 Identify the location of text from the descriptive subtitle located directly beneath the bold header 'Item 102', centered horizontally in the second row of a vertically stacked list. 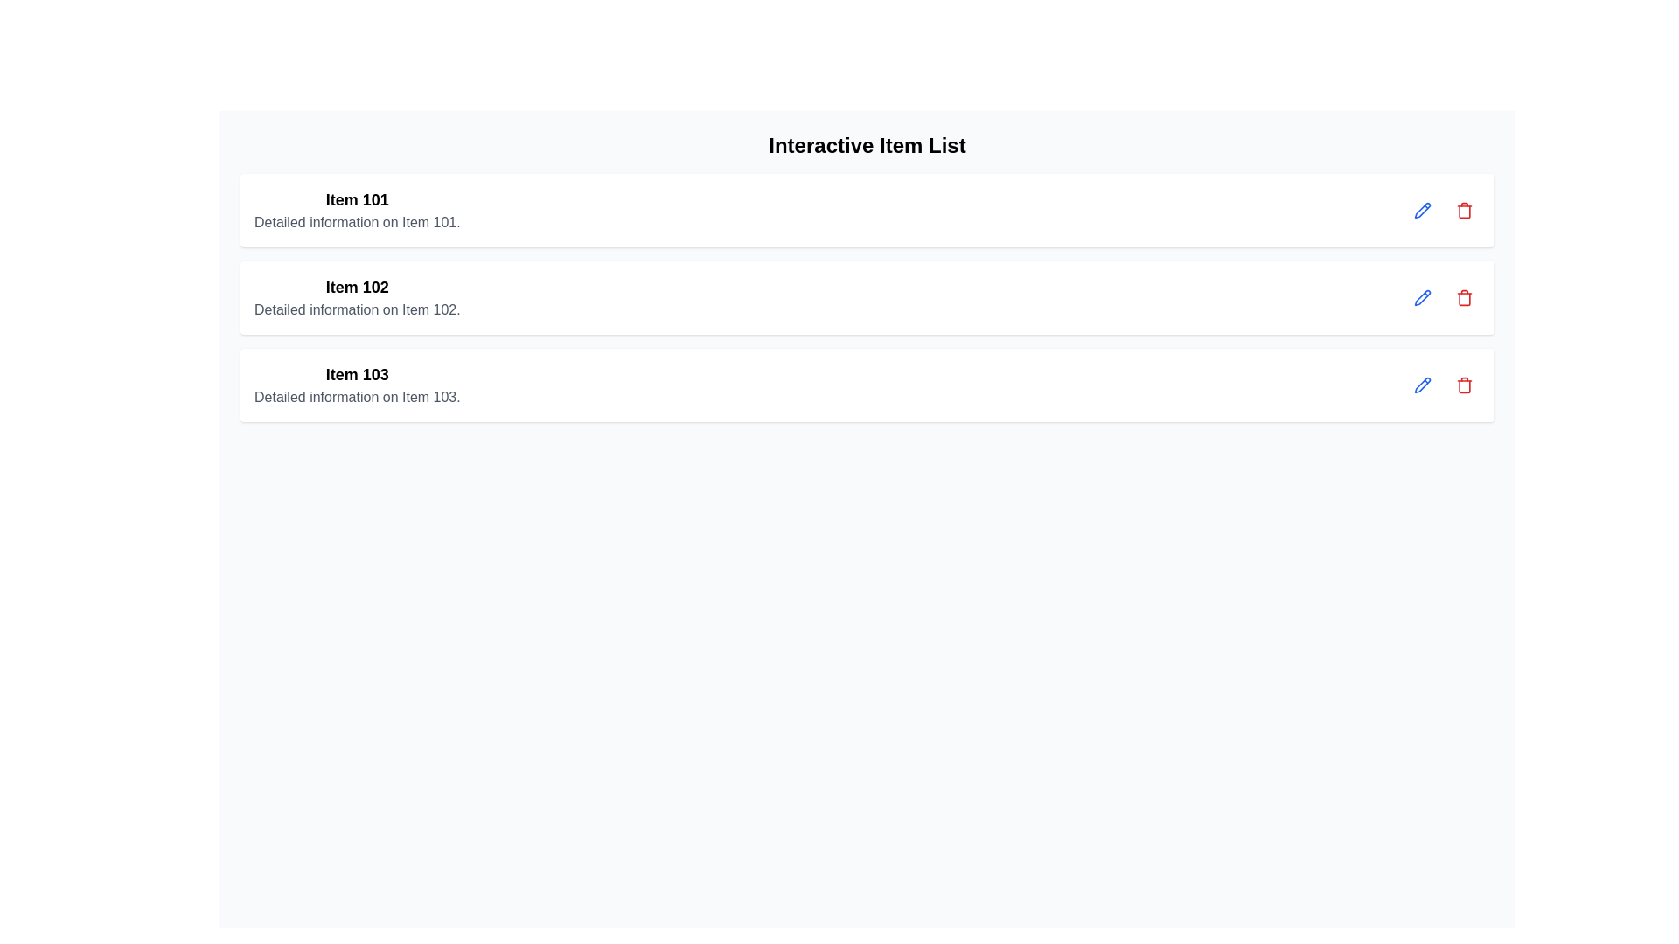
(356, 309).